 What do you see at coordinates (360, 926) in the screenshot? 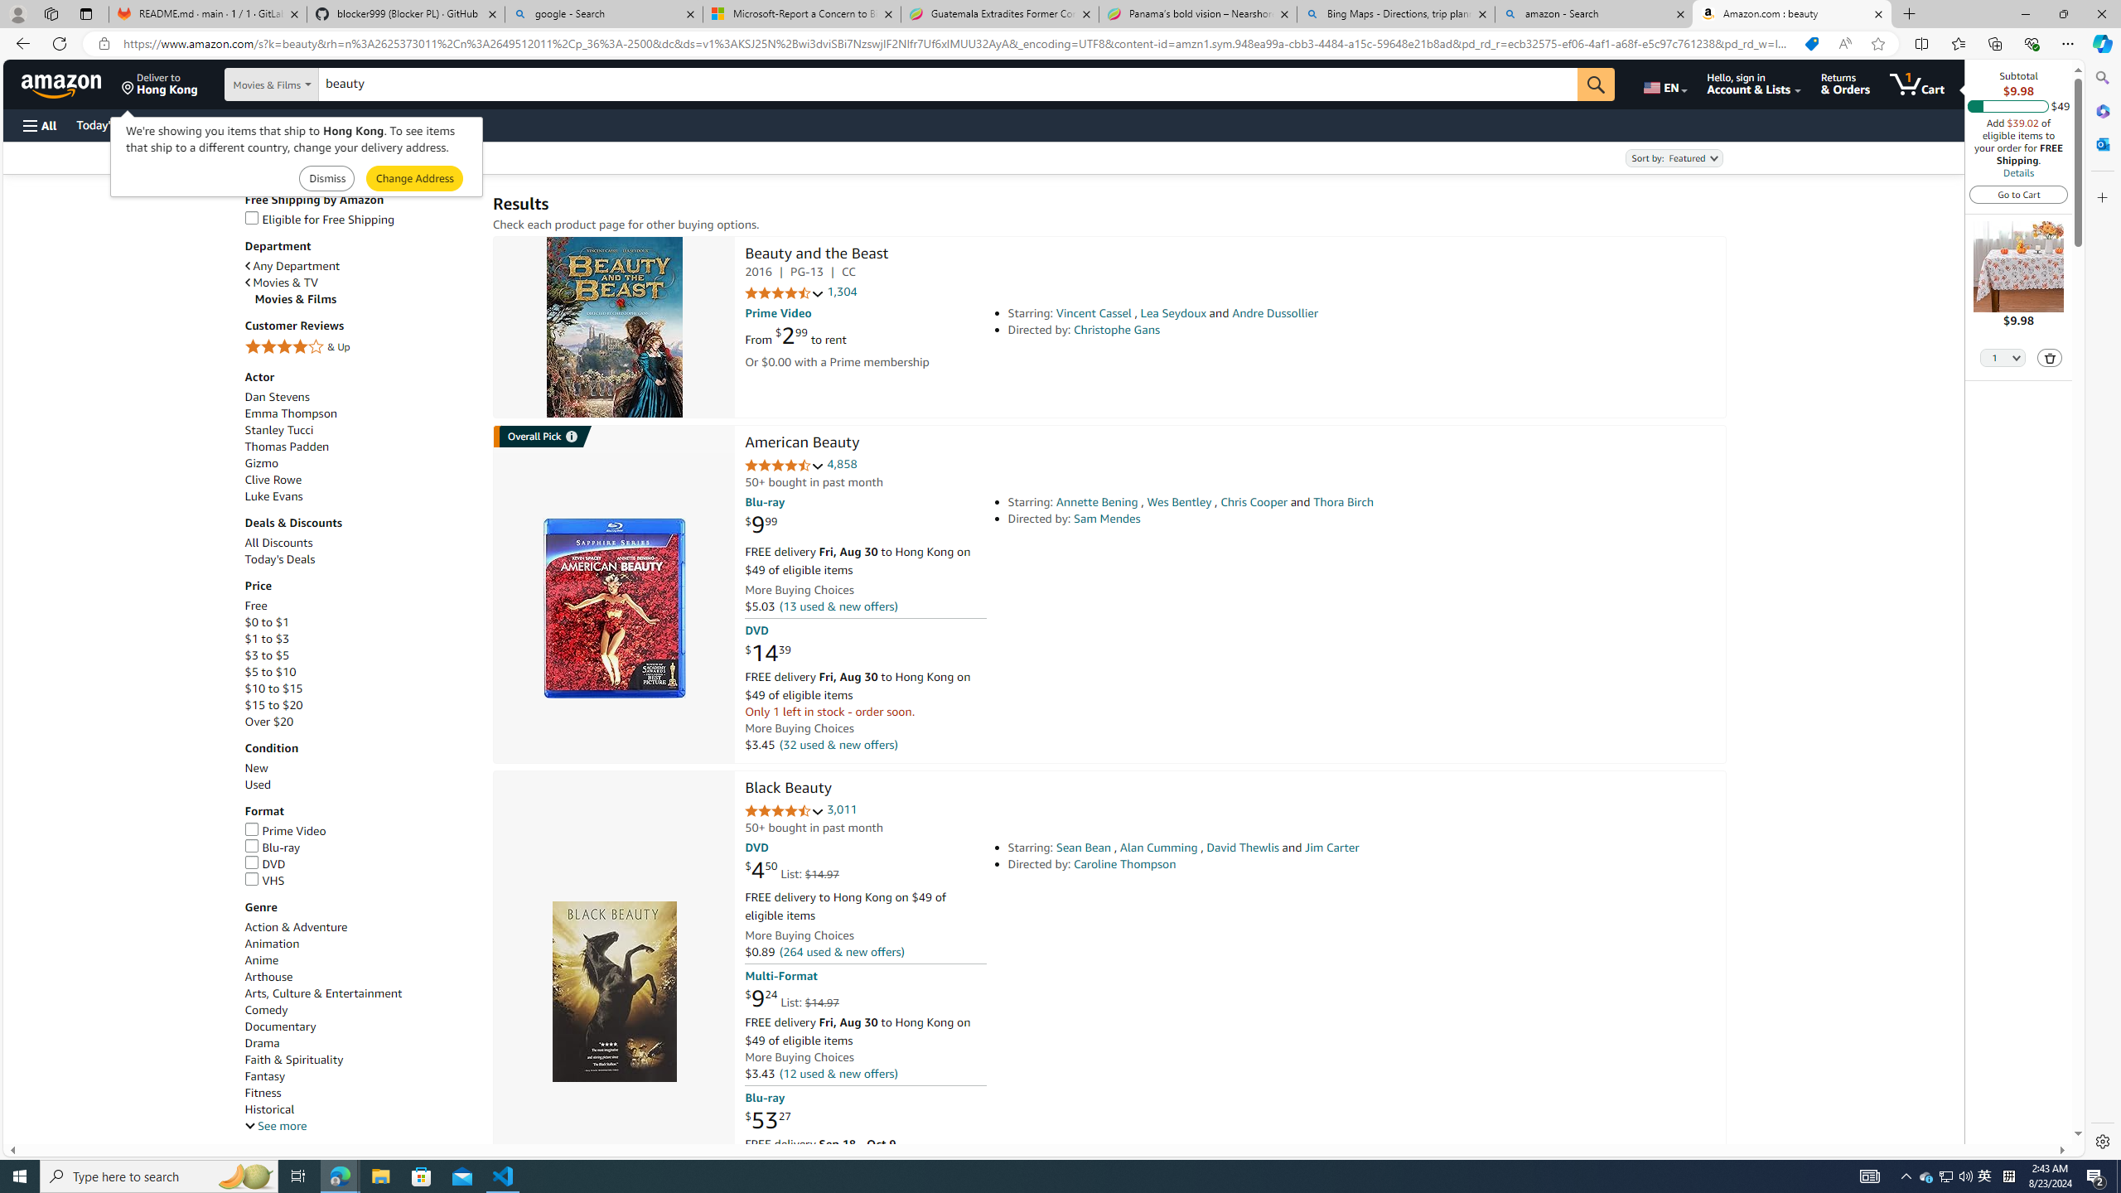
I see `'Action & Adventure'` at bounding box center [360, 926].